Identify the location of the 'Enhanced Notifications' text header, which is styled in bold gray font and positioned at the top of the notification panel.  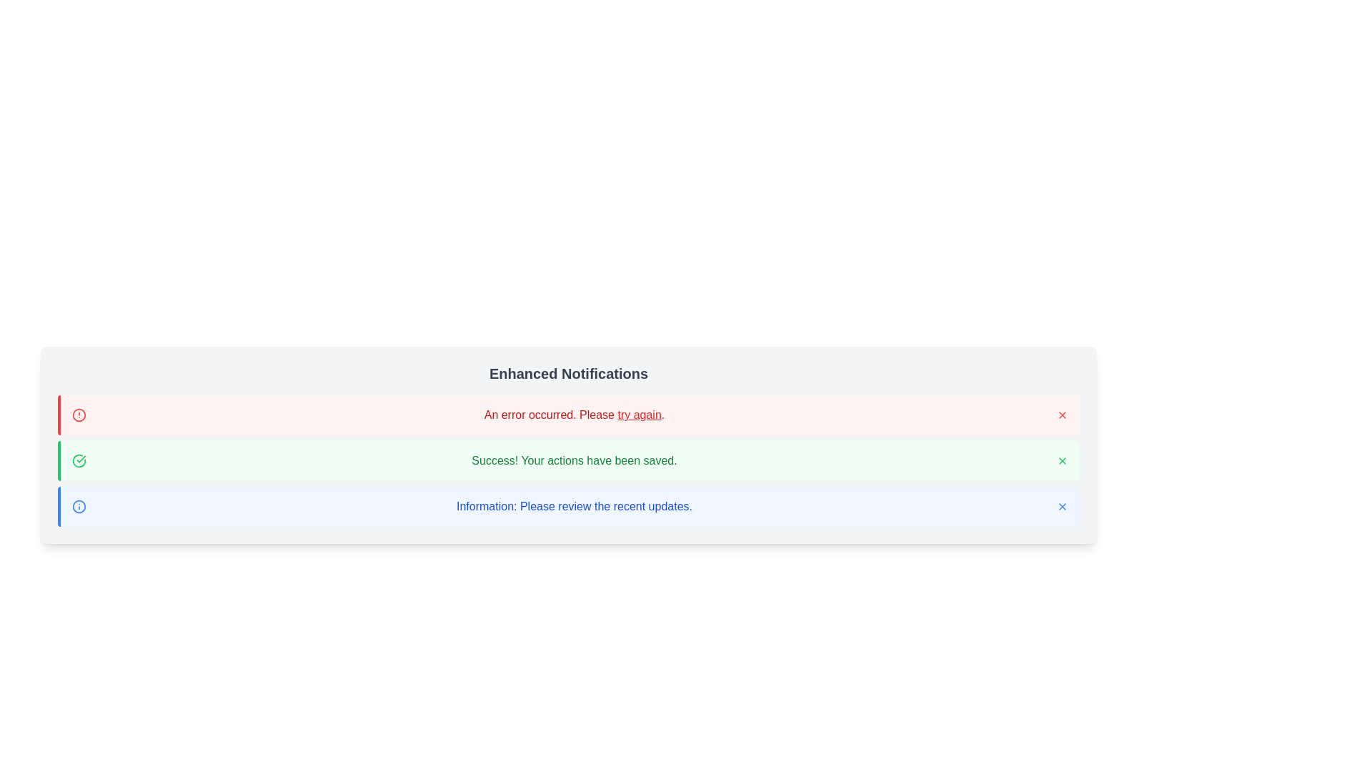
(568, 373).